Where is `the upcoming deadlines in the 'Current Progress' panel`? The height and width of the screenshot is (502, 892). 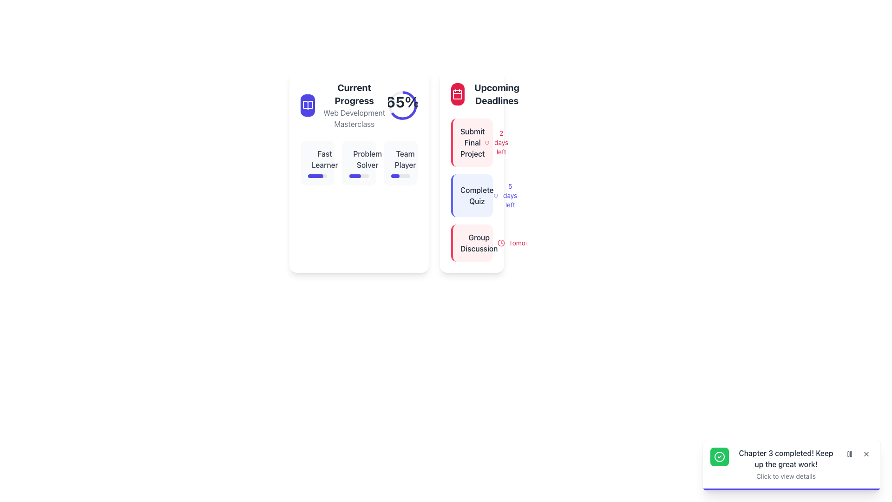
the upcoming deadlines in the 'Current Progress' panel is located at coordinates (397, 172).